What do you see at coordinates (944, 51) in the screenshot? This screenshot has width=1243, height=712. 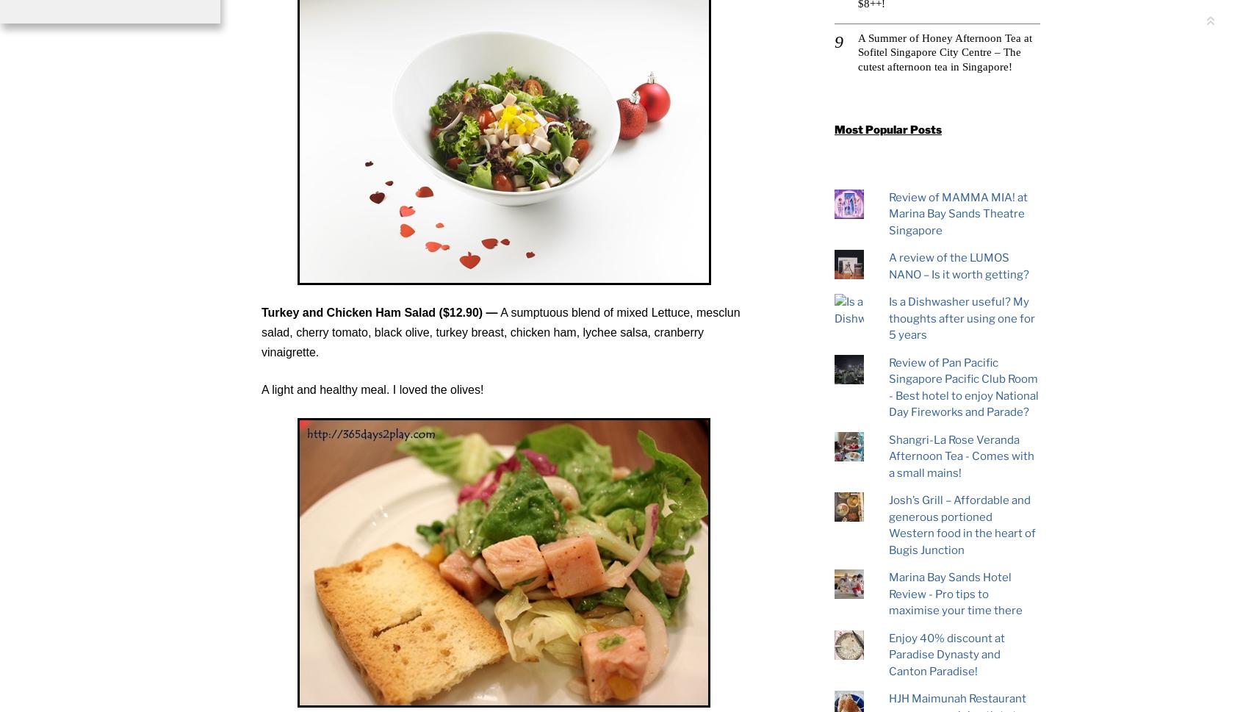 I see `'A Summer of Honey Afternoon Tea at Sofitel Singapore City Centre – The cutest afternoon tea in Singapore!'` at bounding box center [944, 51].